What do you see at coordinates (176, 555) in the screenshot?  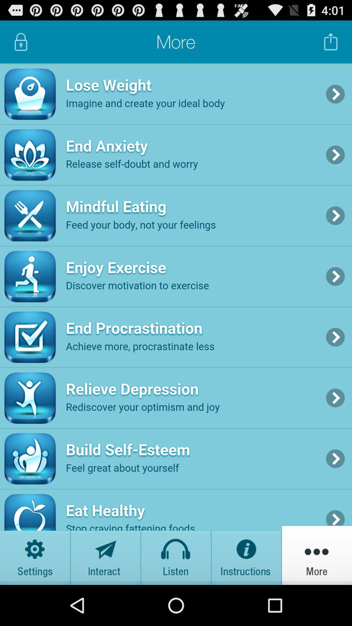 I see `music icon` at bounding box center [176, 555].